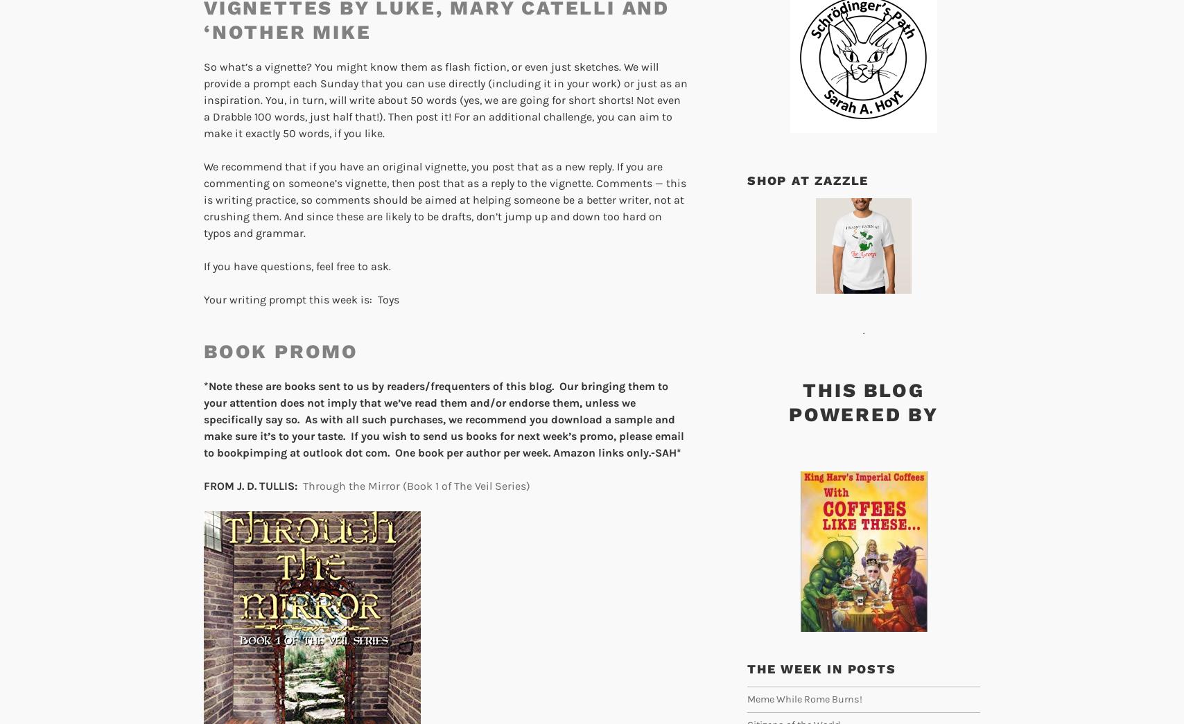 The width and height of the screenshot is (1184, 724). Describe the element at coordinates (808, 179) in the screenshot. I see `'Shop At Zazzle'` at that location.